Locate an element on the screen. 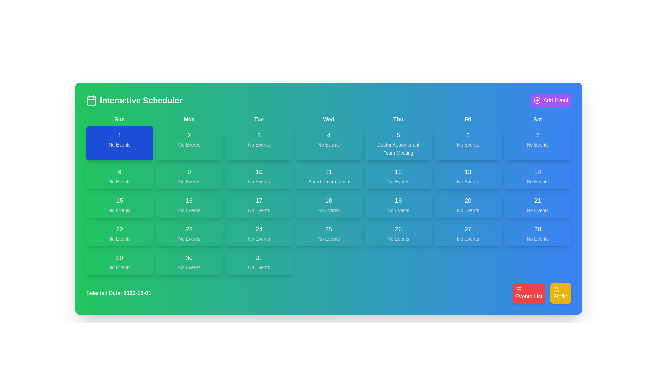 Image resolution: width=654 pixels, height=368 pixels. text displayed in the Text label representing the numeric value '20' in the calendar interface located in the Friday column of the third row is located at coordinates (468, 200).